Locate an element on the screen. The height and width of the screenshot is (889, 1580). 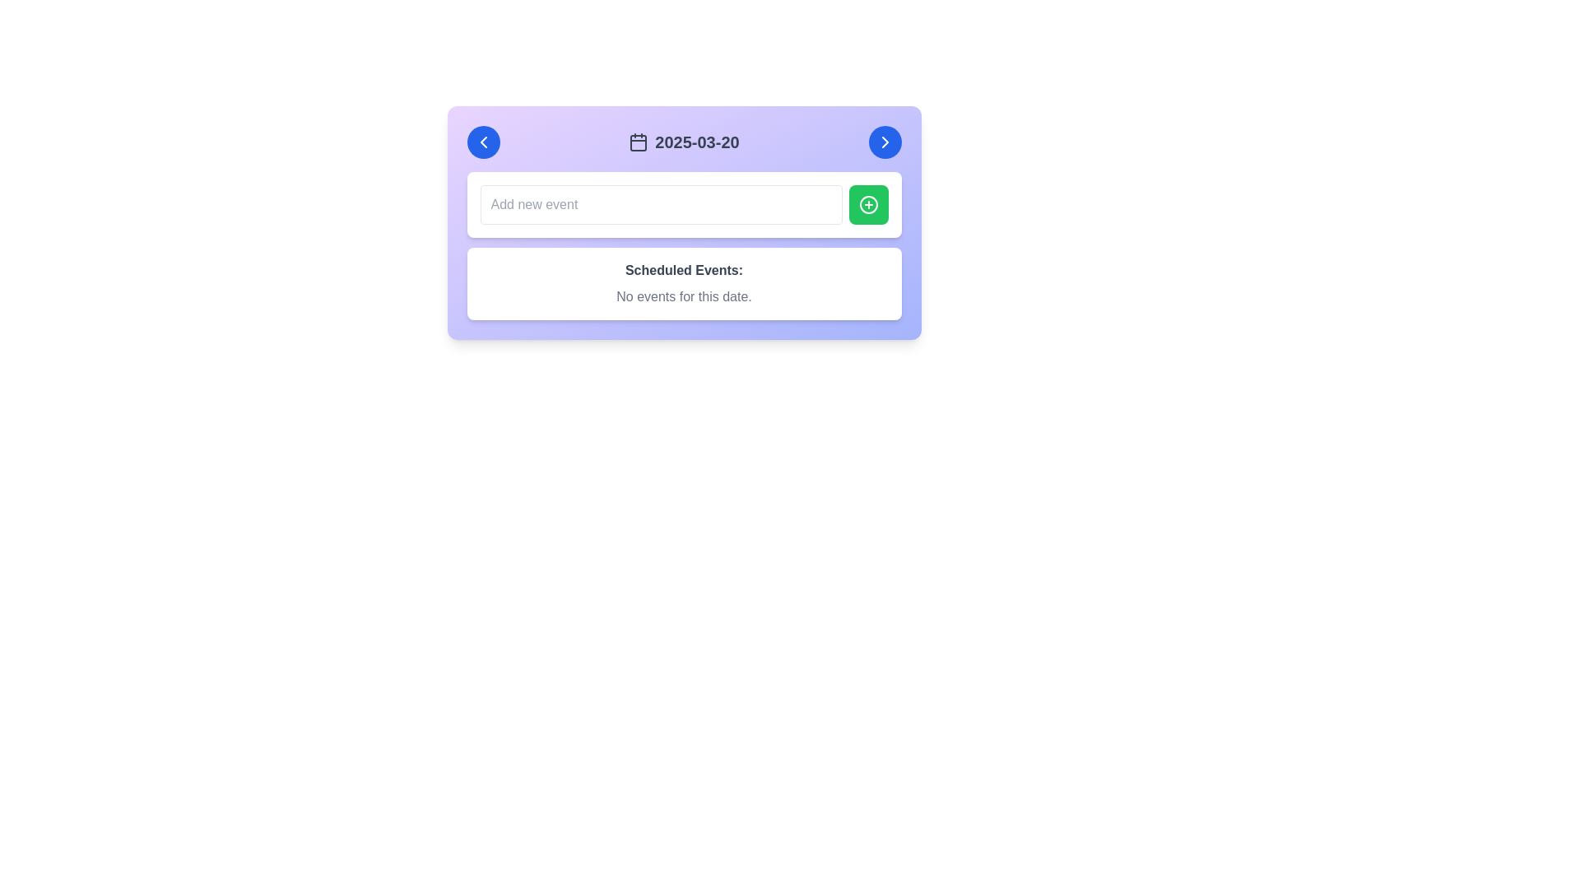
date displayed in the Date Display Label, which shows '2025-03-20' in a bold and large font, located centrally above the text box for adding new events is located at coordinates (684, 142).